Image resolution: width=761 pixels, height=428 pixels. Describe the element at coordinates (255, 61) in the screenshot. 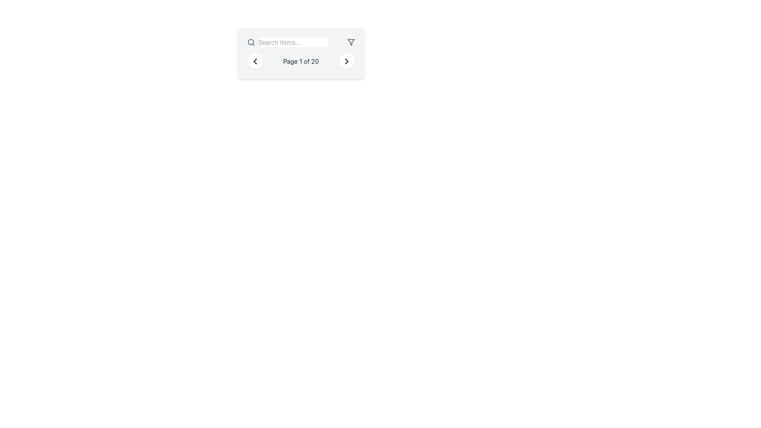

I see `the 'previous page' button located to the left of the text label 'Page 1 of 20' in the pagination control` at that location.